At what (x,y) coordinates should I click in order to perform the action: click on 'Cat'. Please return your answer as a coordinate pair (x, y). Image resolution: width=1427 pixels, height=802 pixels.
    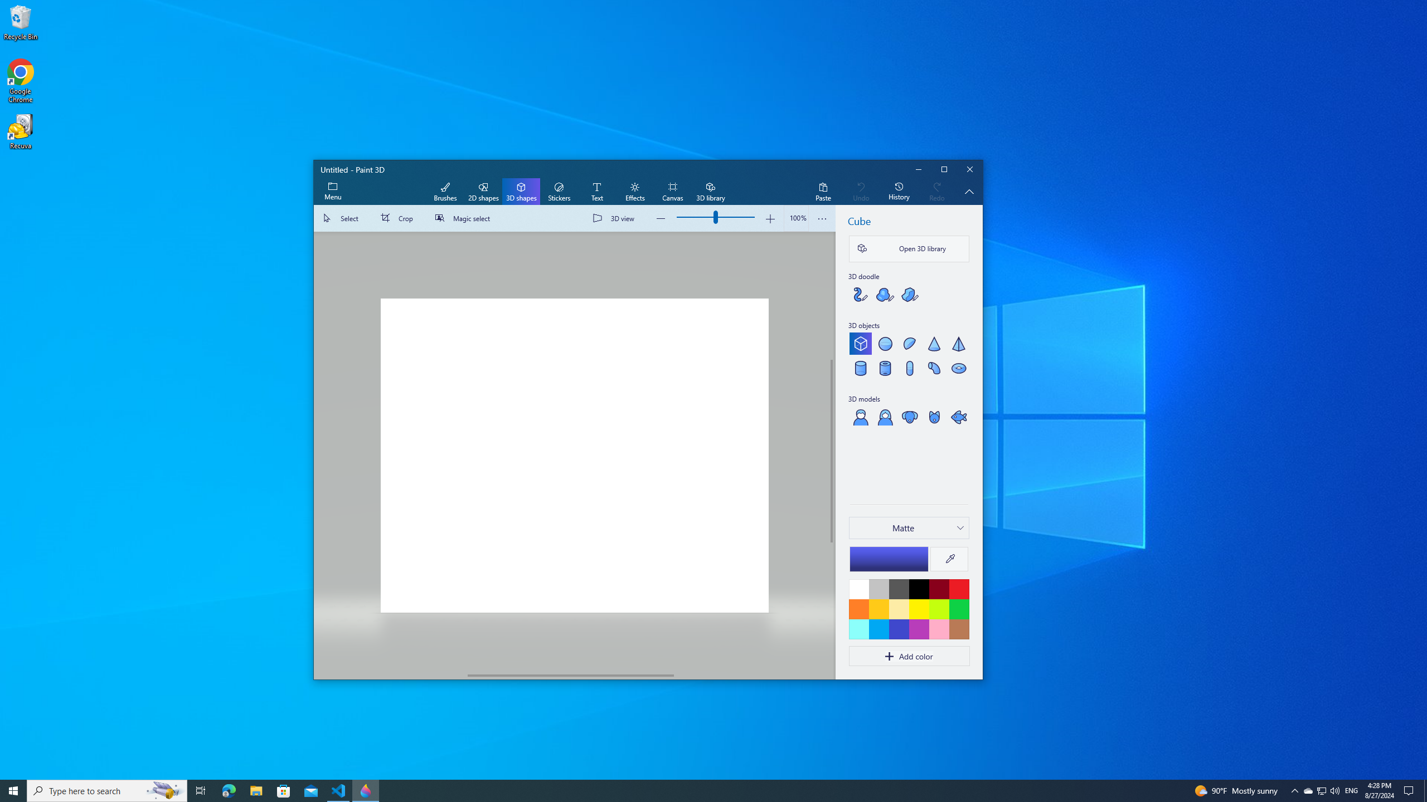
    Looking at the image, I should click on (934, 416).